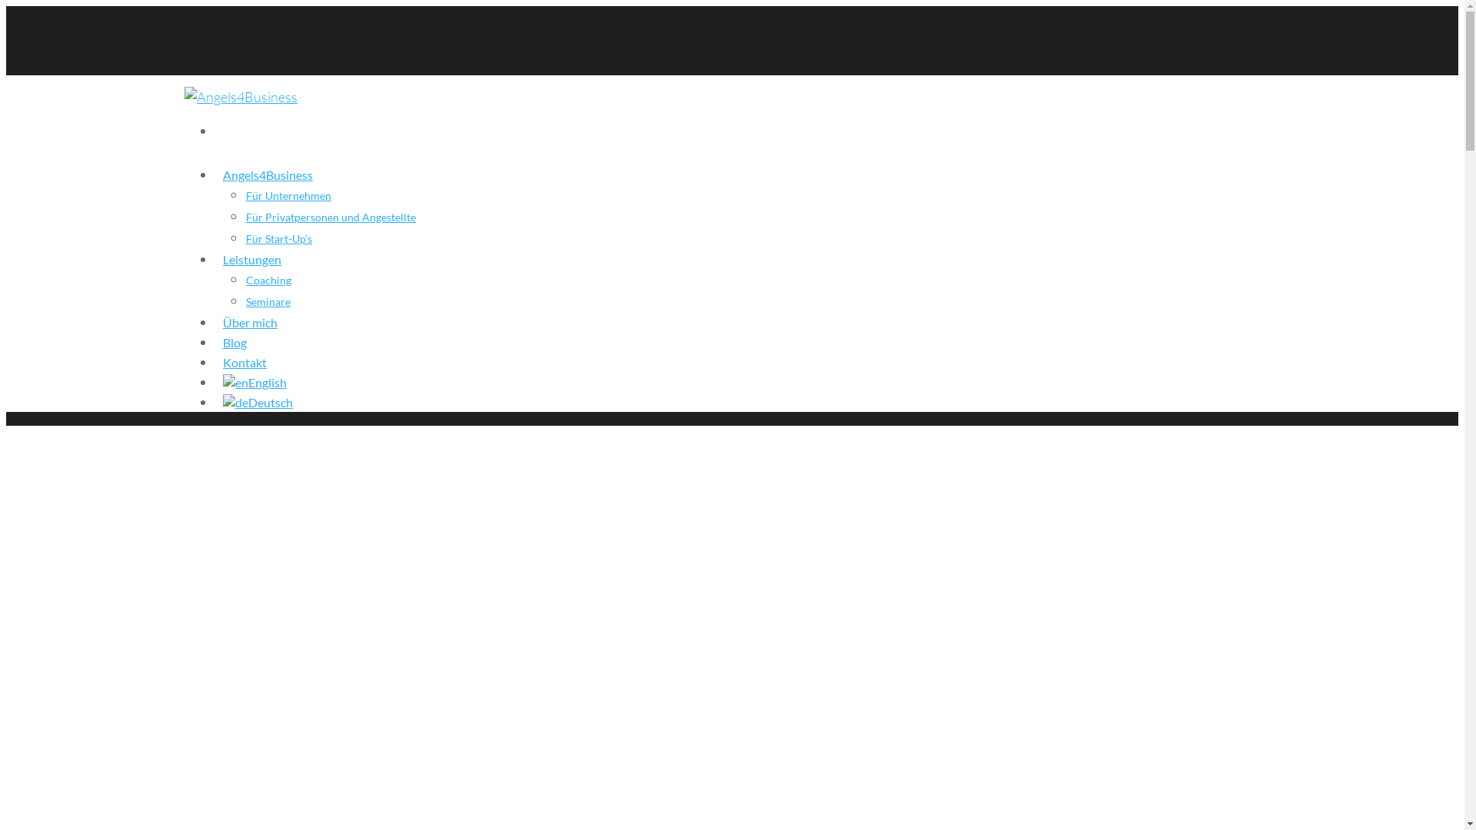  Describe the element at coordinates (268, 180) in the screenshot. I see `'Angels4Business'` at that location.